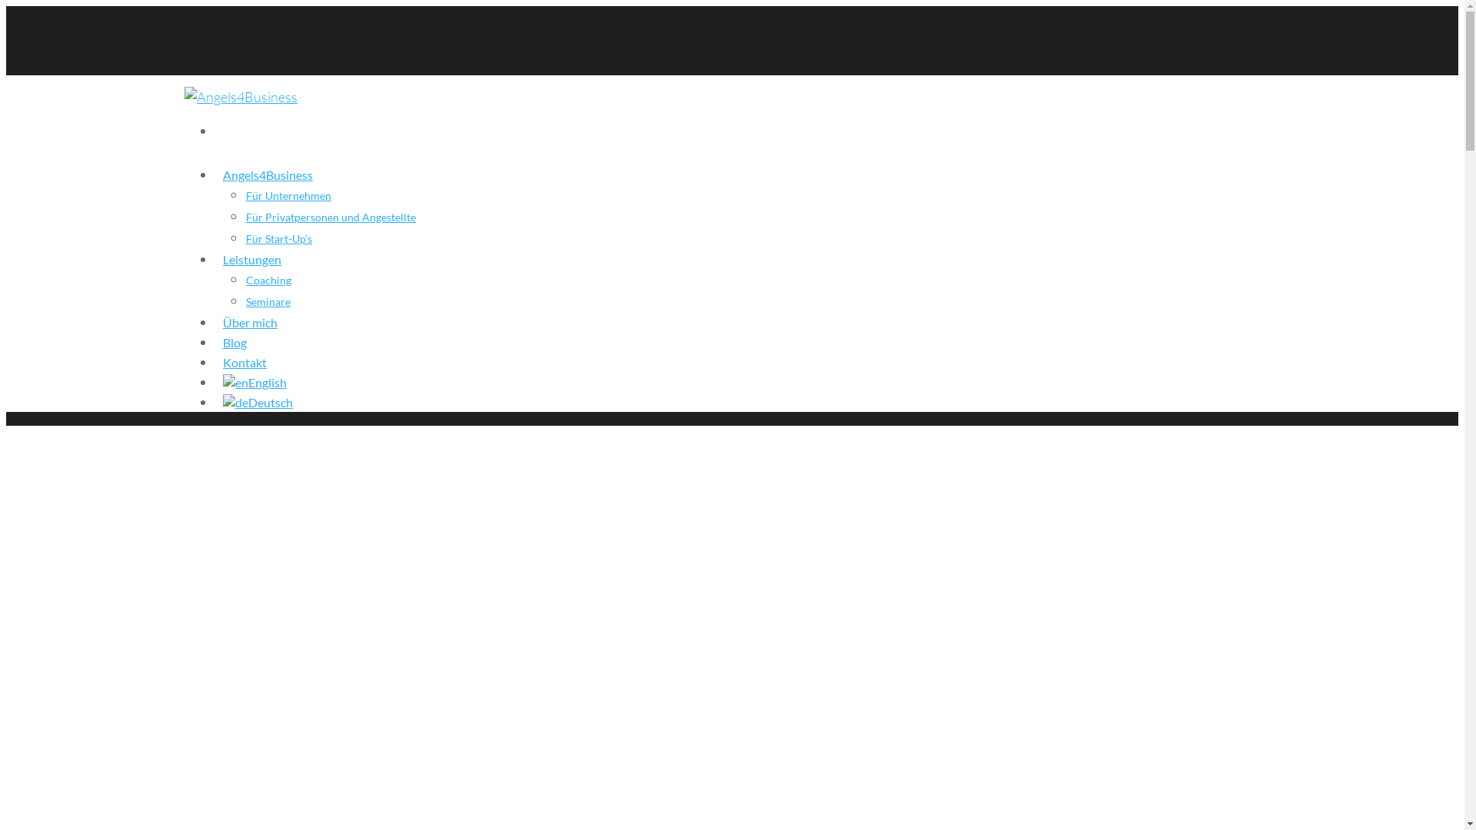  Describe the element at coordinates (268, 180) in the screenshot. I see `'Angels4Business'` at that location.